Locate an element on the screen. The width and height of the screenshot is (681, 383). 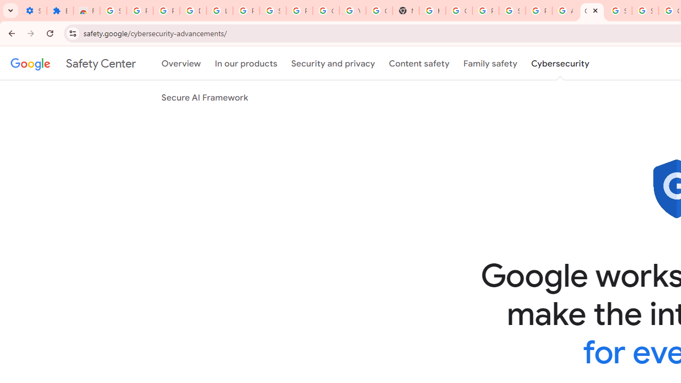
'Google Cybersecurity Innovations - Google Safety Center' is located at coordinates (591, 11).